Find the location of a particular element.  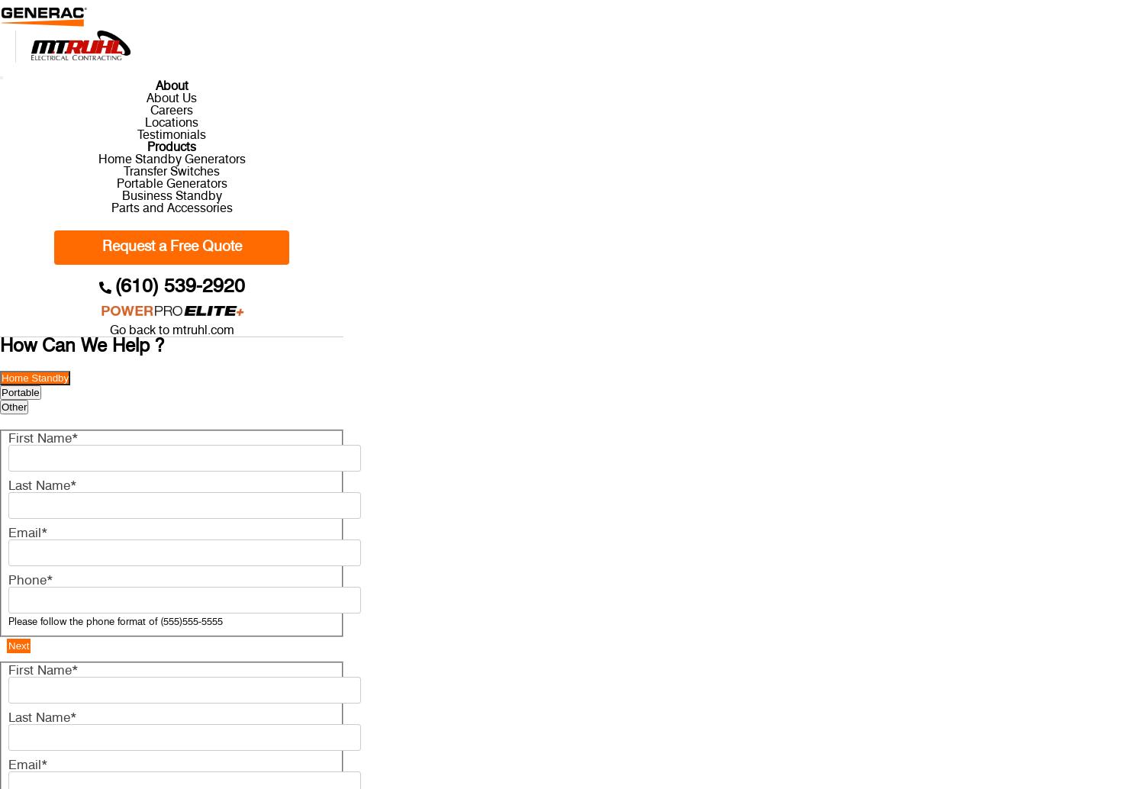

'Products' is located at coordinates (170, 147).